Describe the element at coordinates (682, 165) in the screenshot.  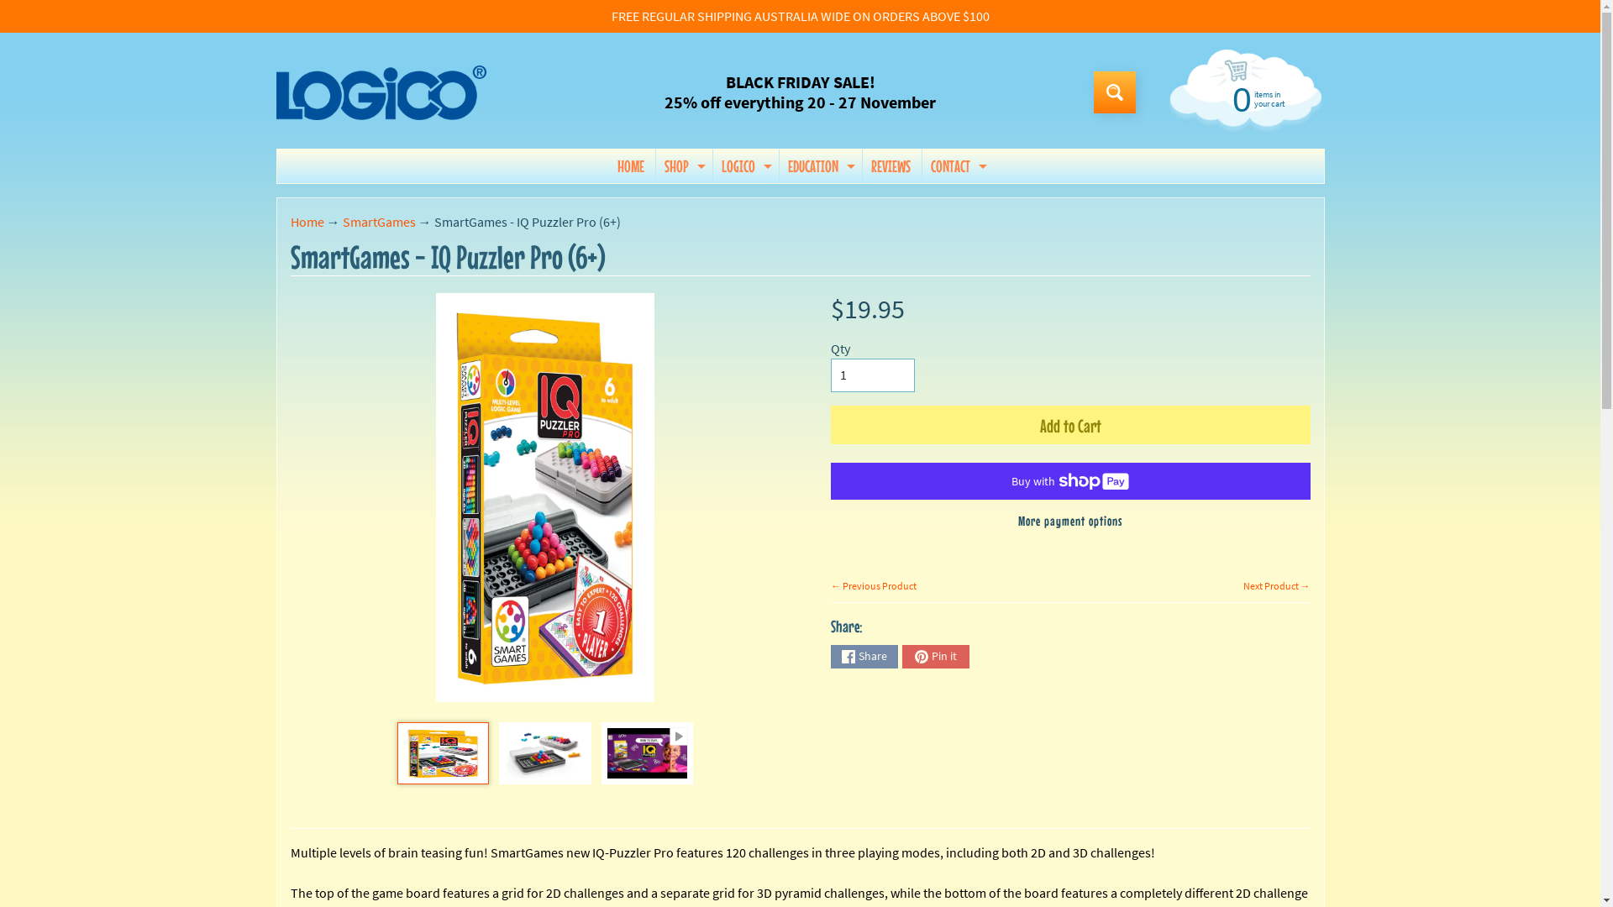
I see `'SHOP` at that location.